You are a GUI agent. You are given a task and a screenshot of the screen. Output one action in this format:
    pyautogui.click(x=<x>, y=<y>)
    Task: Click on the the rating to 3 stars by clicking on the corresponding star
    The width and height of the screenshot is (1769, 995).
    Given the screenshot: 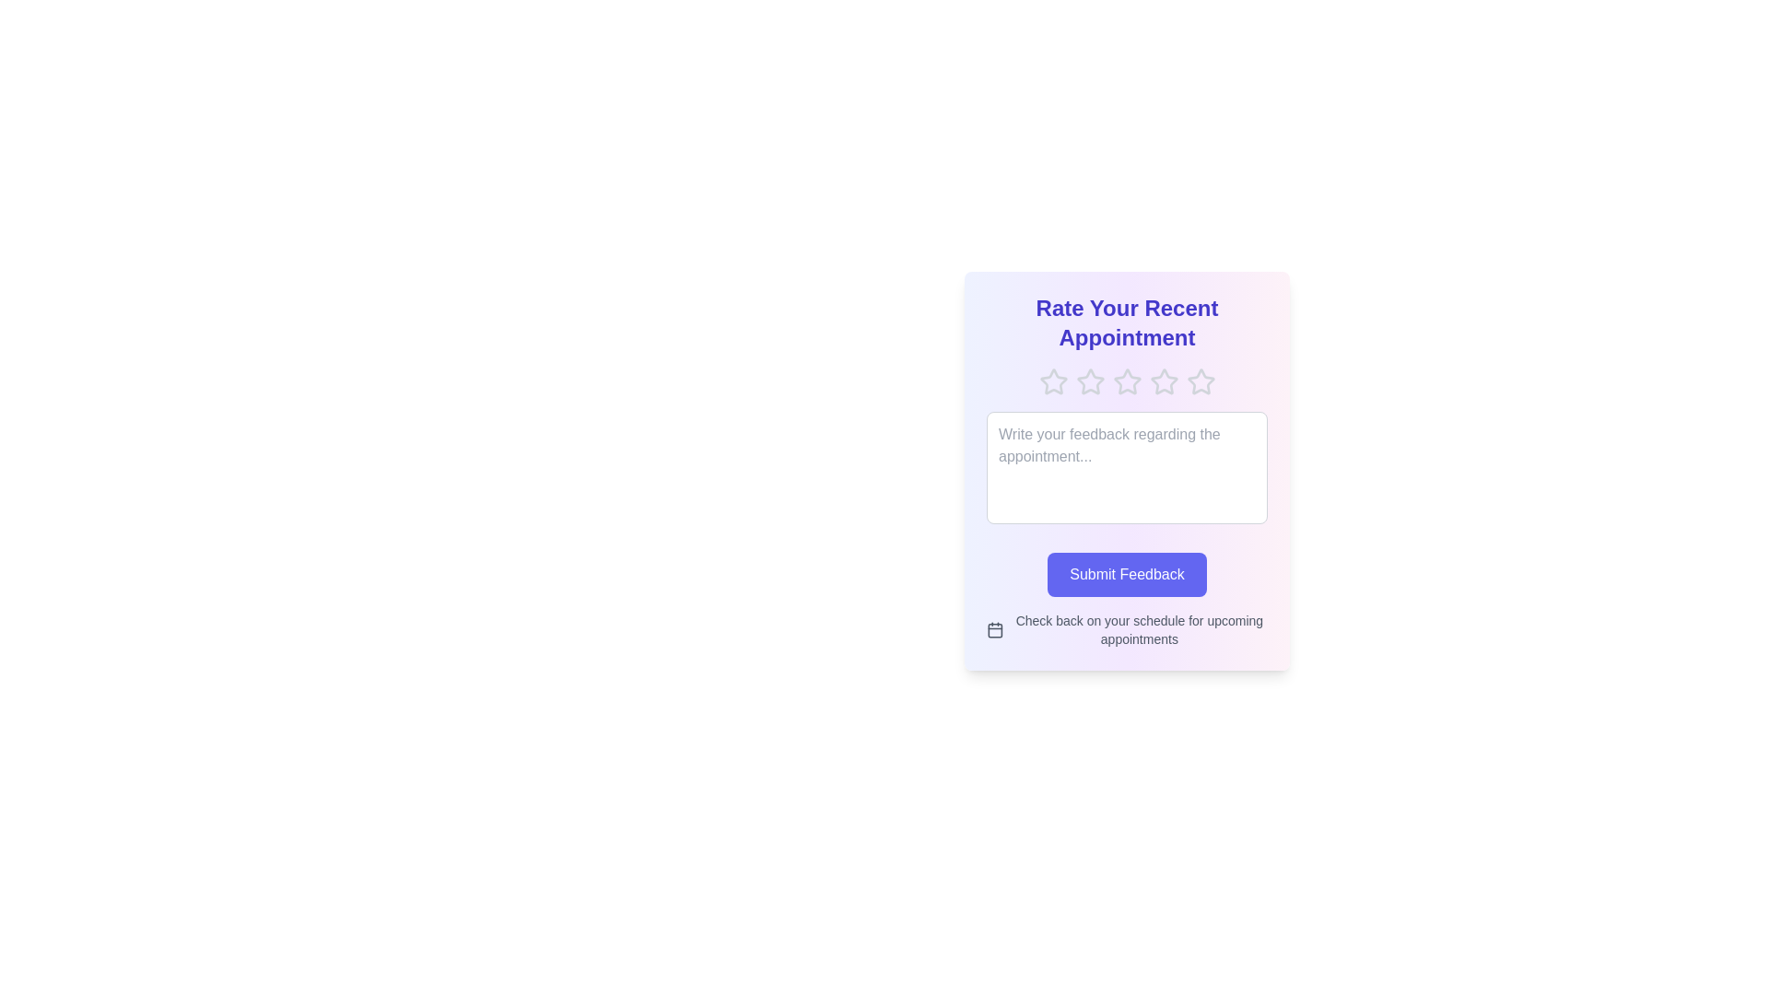 What is the action you would take?
    pyautogui.click(x=1126, y=381)
    